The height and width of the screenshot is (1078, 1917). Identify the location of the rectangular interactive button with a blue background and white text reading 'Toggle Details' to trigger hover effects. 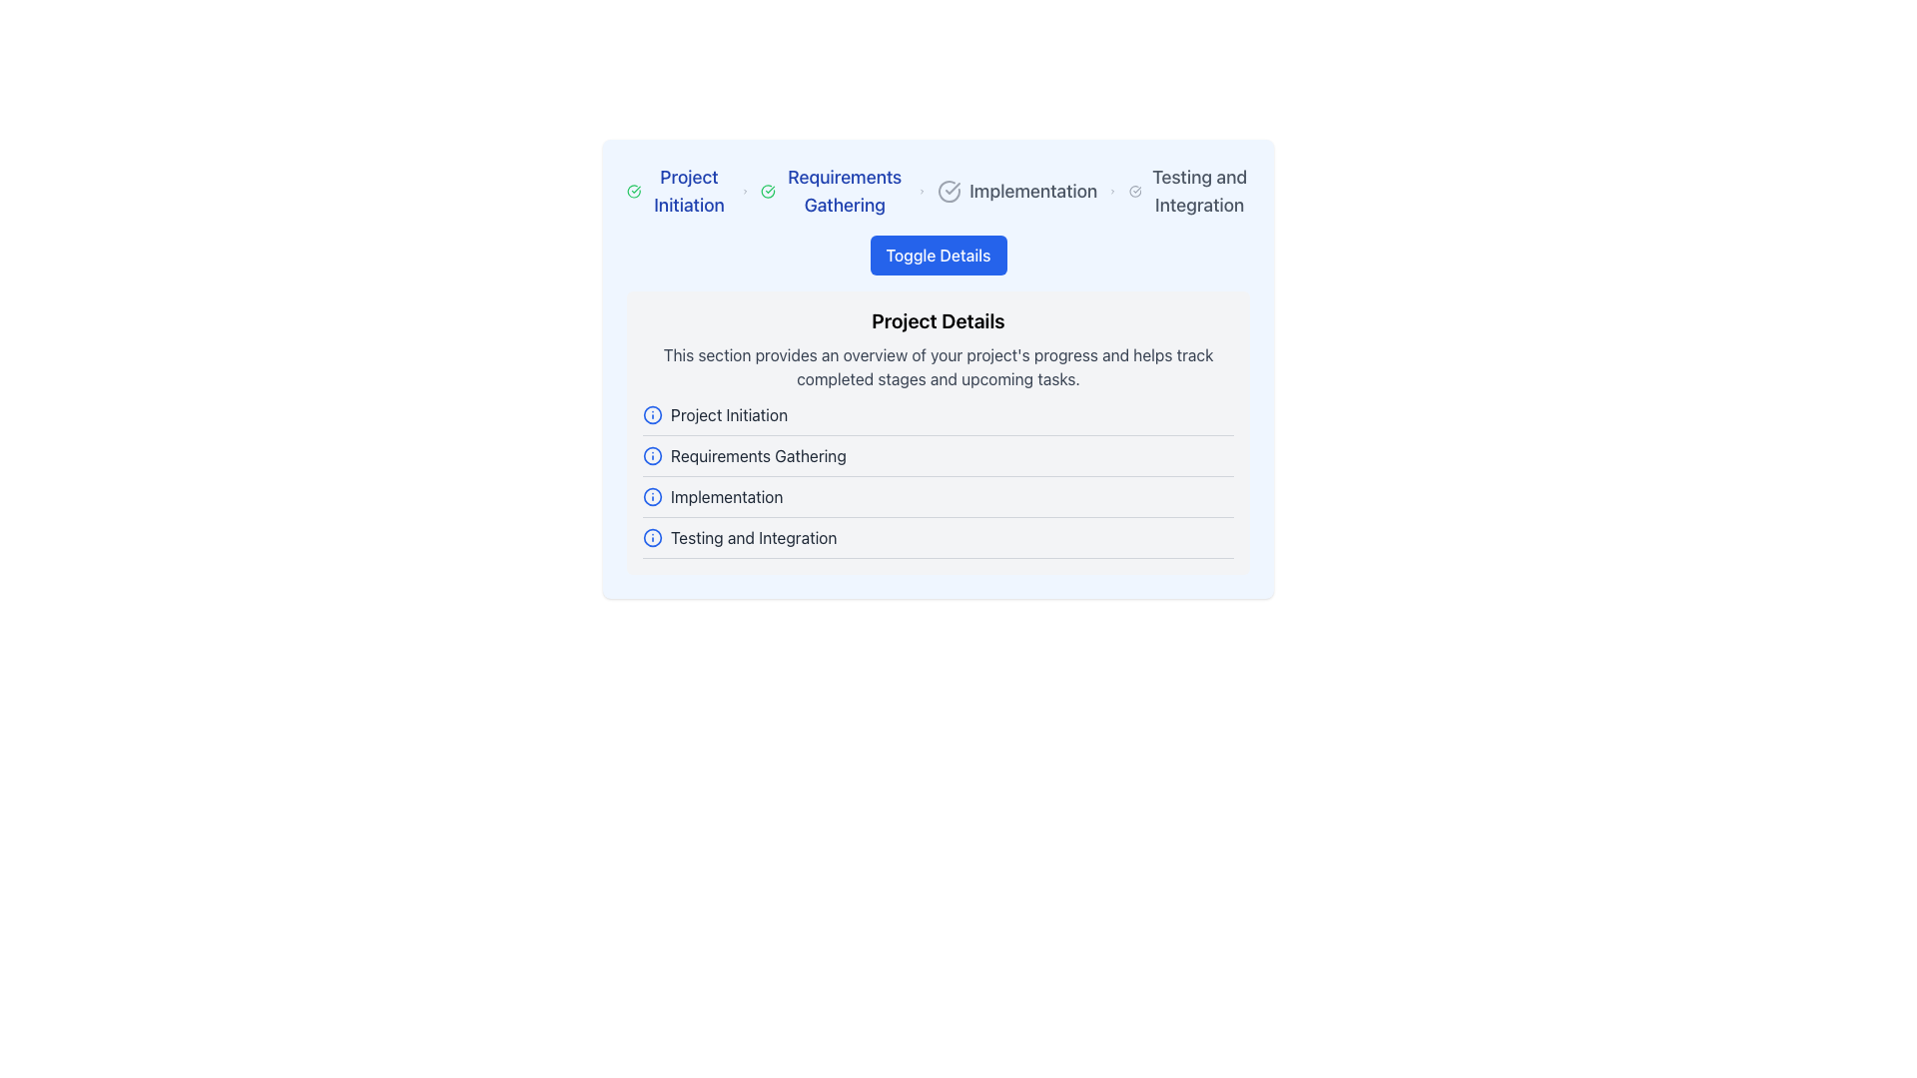
(938, 254).